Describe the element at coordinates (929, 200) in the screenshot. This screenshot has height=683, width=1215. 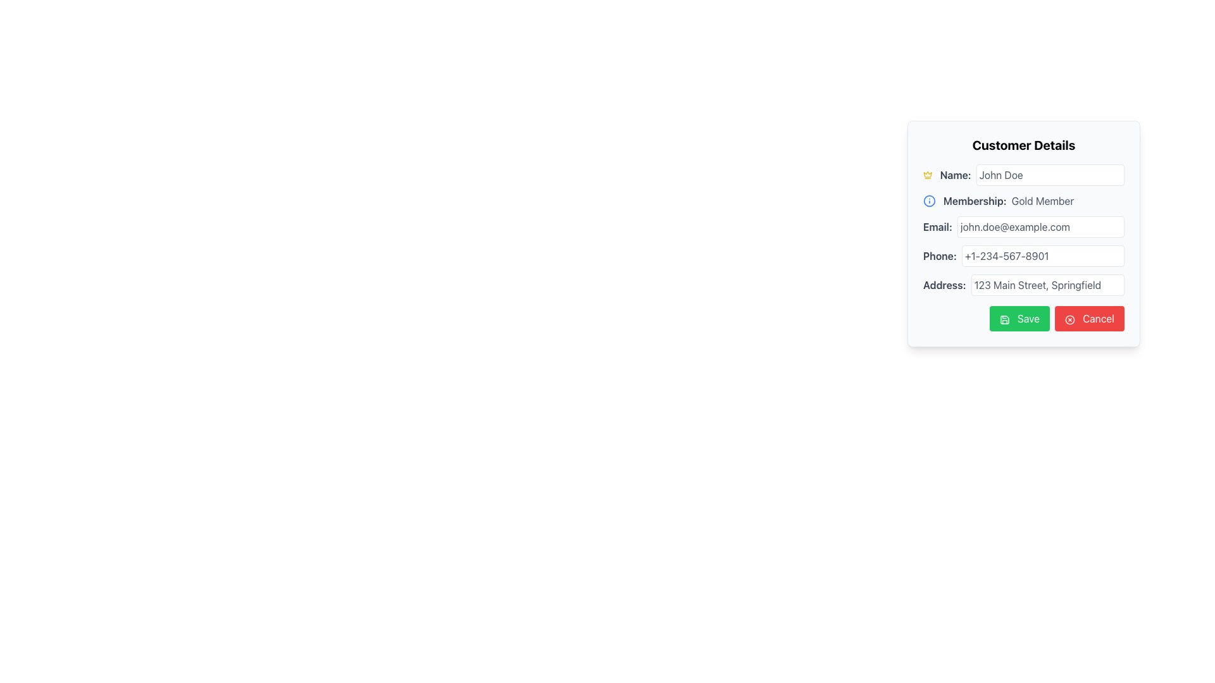
I see `the visual circle element styled as part of an SVG icon located near the 'Membership' label in the 'Customer Details' card` at that location.